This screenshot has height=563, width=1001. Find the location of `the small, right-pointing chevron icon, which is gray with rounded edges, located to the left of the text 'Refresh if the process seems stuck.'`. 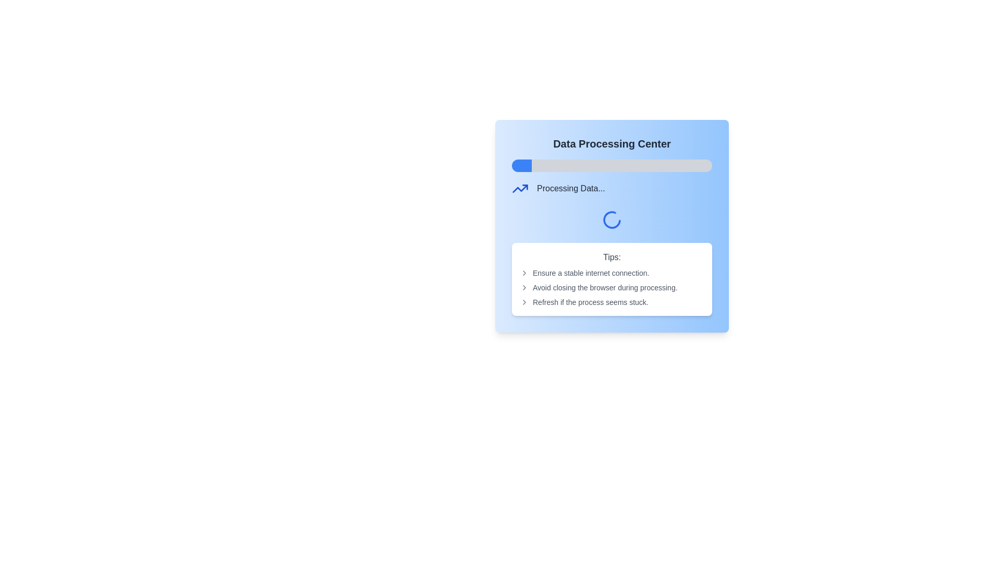

the small, right-pointing chevron icon, which is gray with rounded edges, located to the left of the text 'Refresh if the process seems stuck.' is located at coordinates (524, 302).